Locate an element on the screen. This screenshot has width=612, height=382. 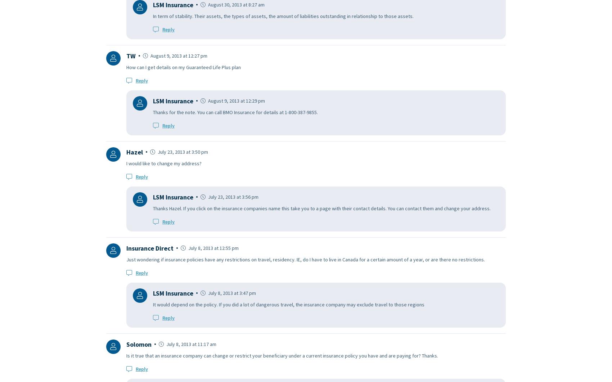
'Thanks Hazel.  If you click on the insurance companies name this take you to a page with their contact details.  You can contact them and change your address.' is located at coordinates (153, 208).